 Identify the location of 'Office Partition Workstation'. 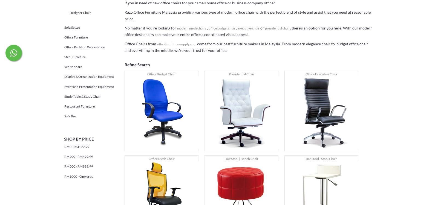
(64, 47).